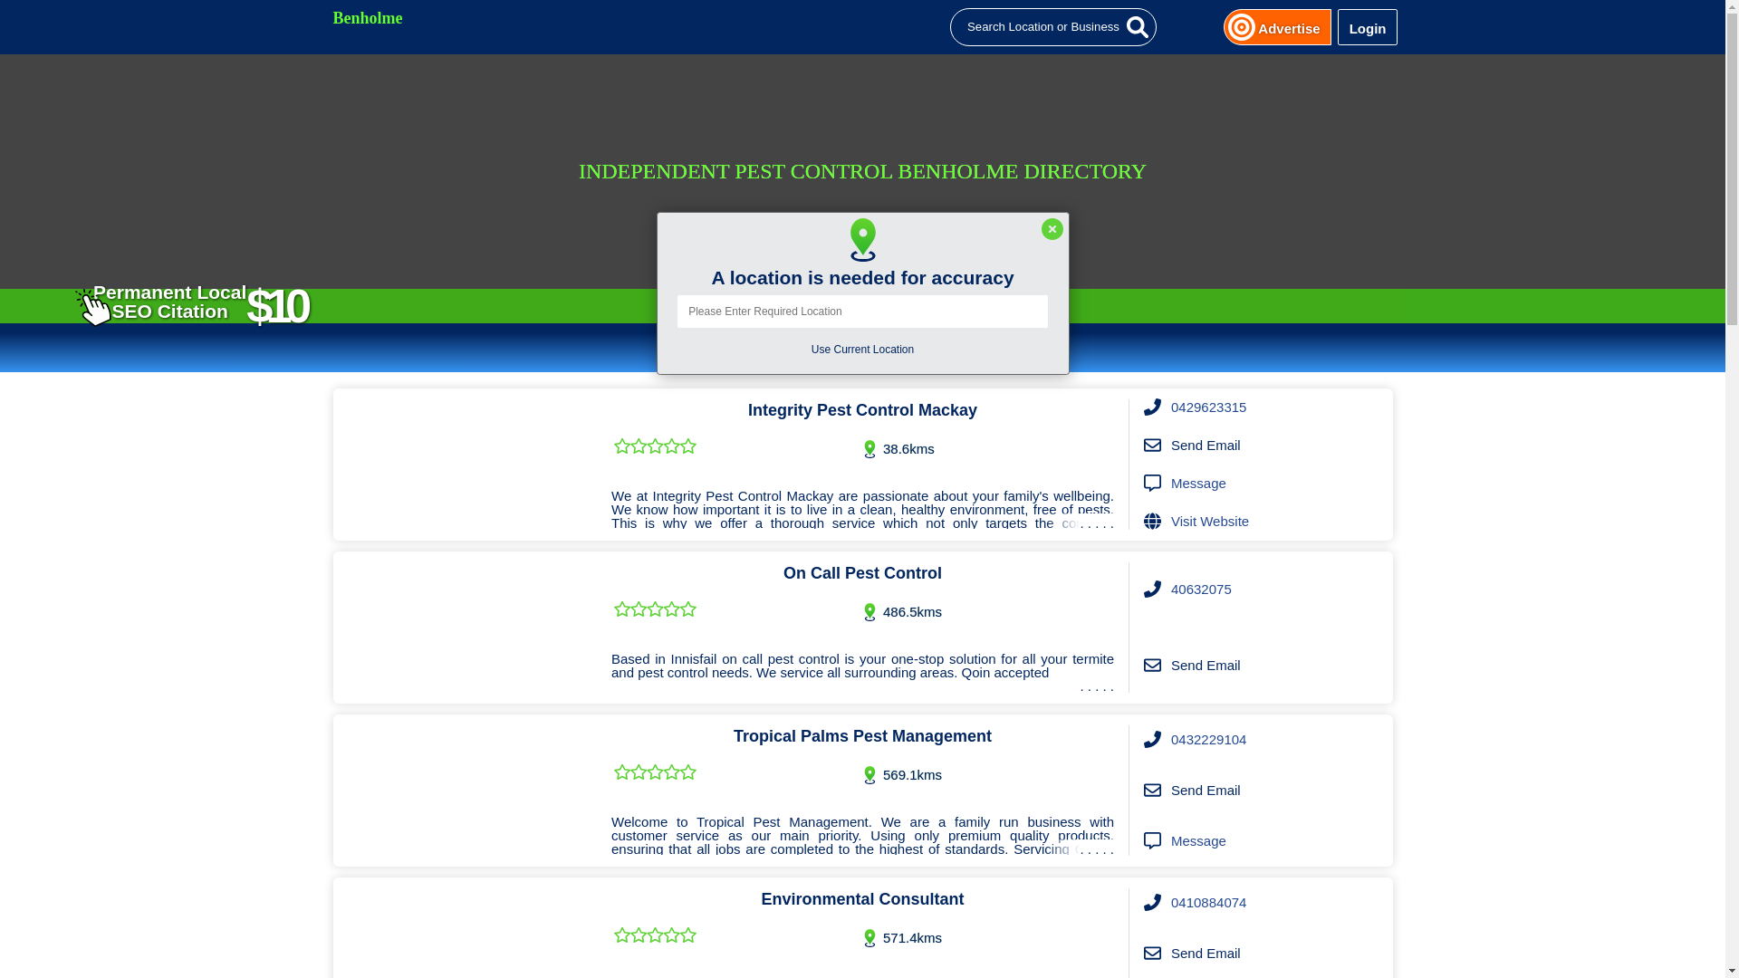 The height and width of the screenshot is (978, 1739). I want to click on '0432229104', so click(1208, 740).